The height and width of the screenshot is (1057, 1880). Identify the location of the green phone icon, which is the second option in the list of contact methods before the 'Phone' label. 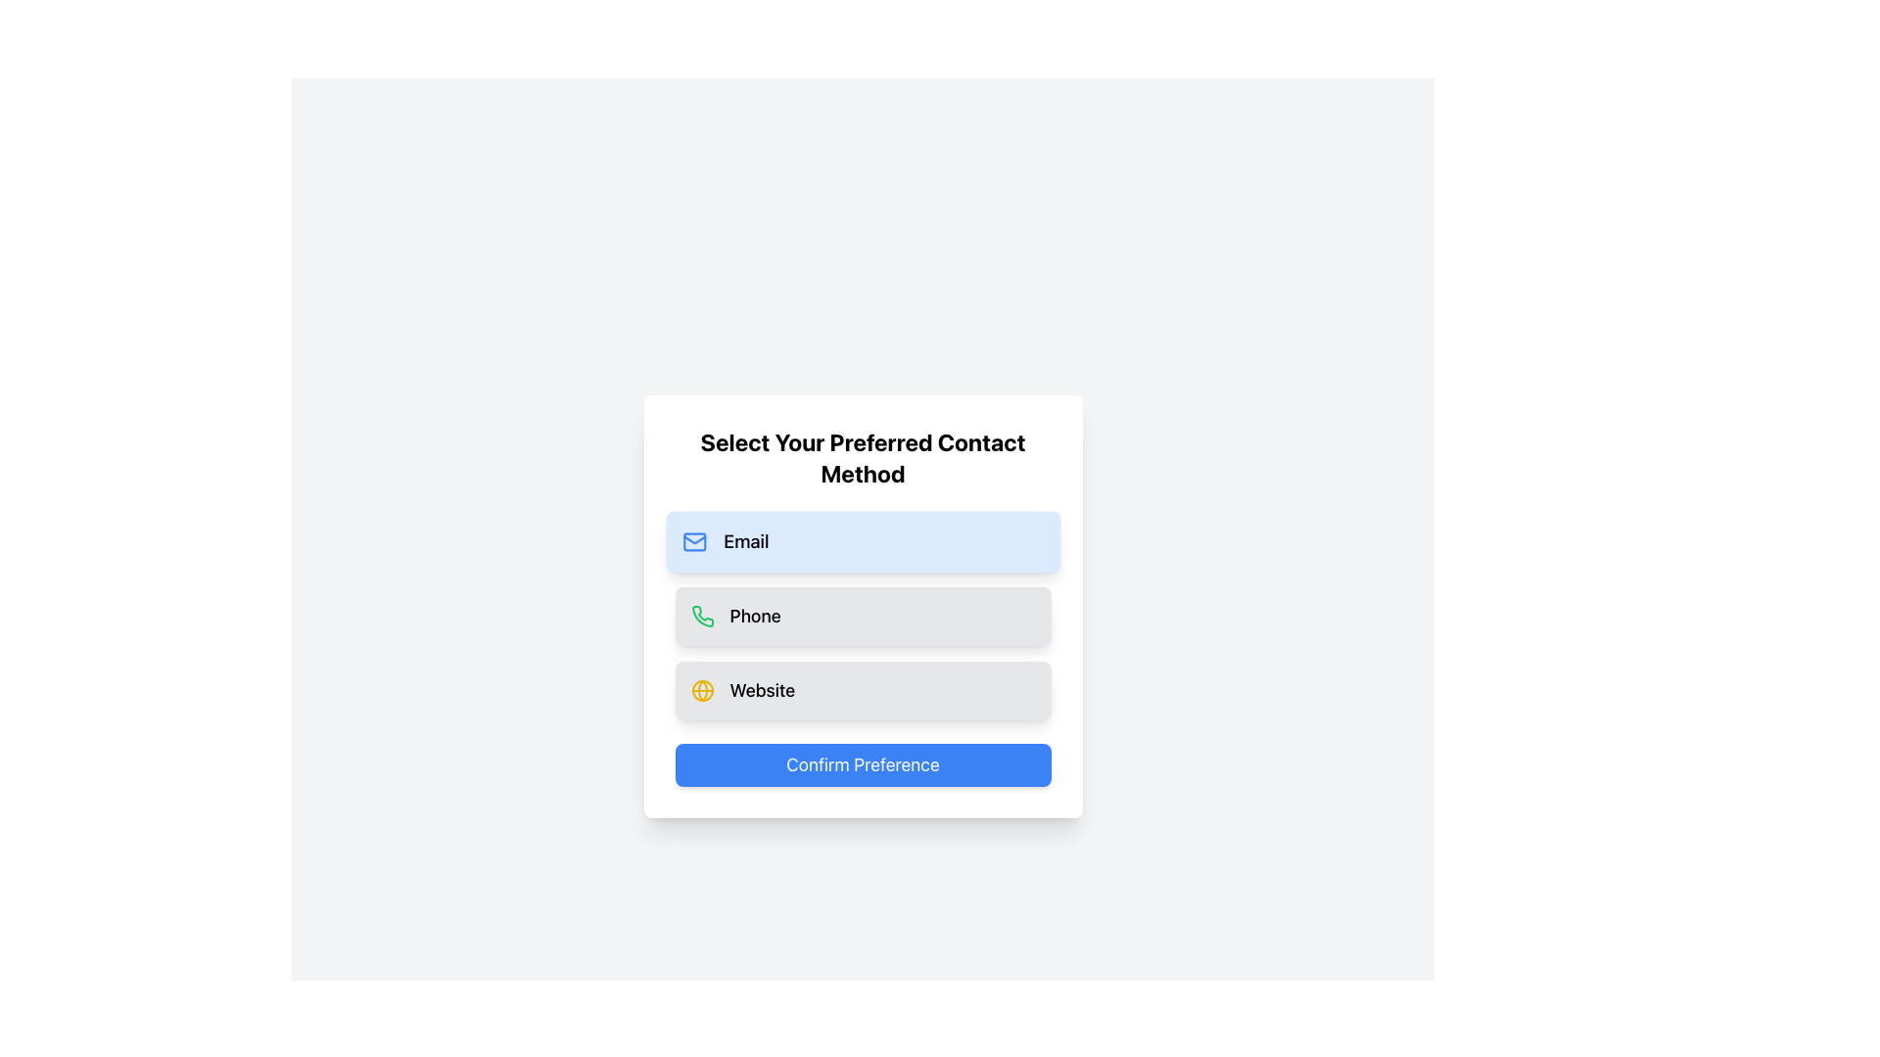
(702, 615).